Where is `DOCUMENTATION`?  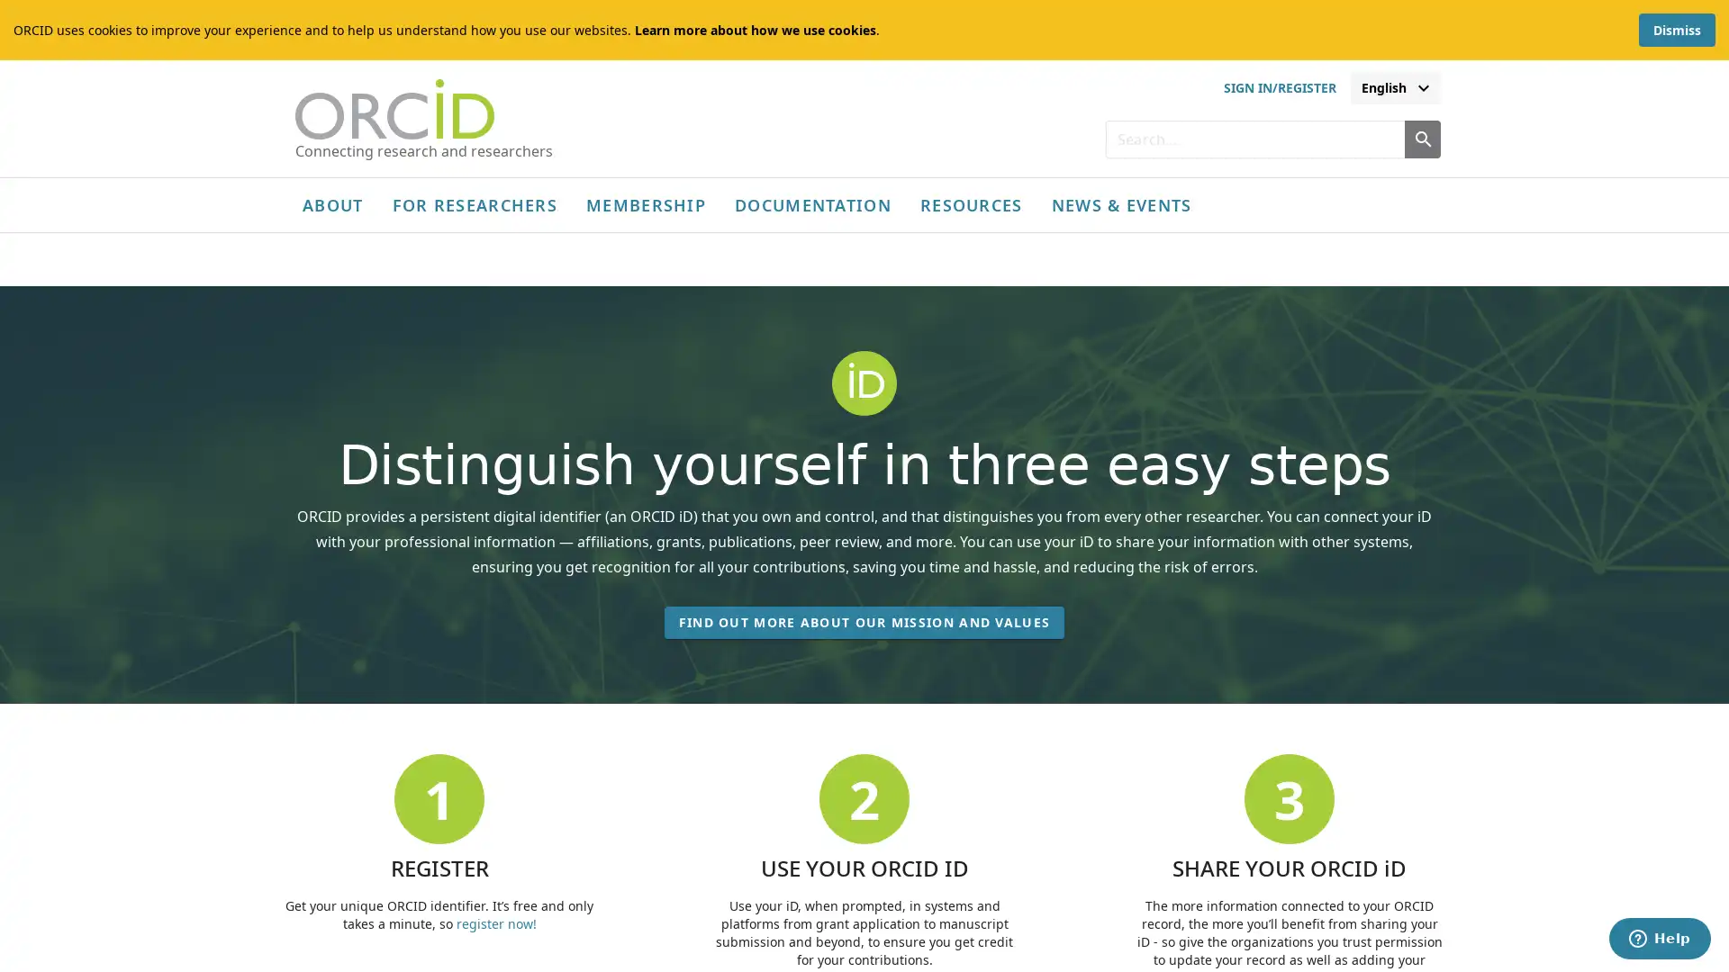 DOCUMENTATION is located at coordinates (811, 203).